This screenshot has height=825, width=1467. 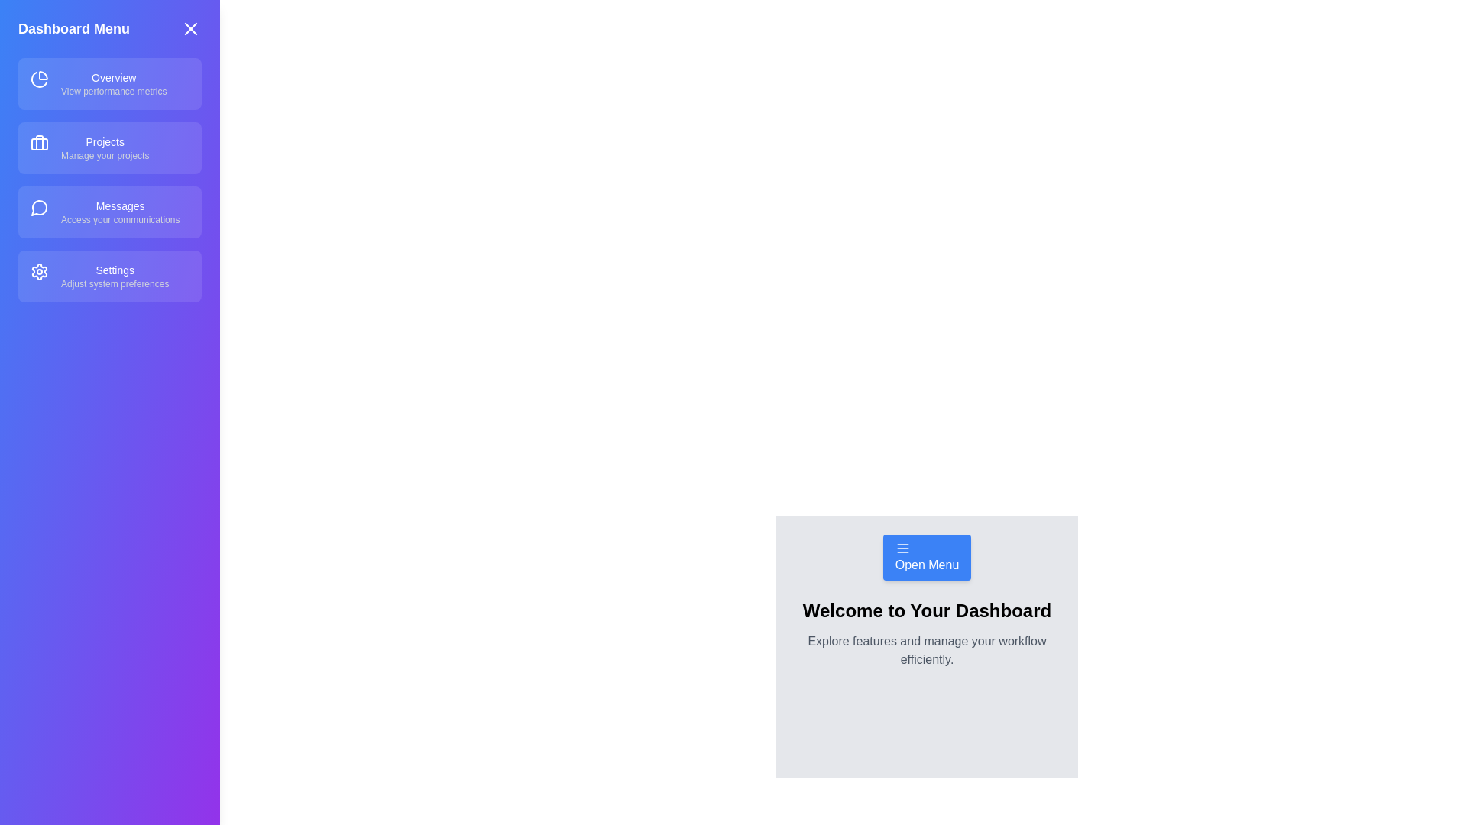 I want to click on the menu item labeled Overview, so click(x=109, y=84).